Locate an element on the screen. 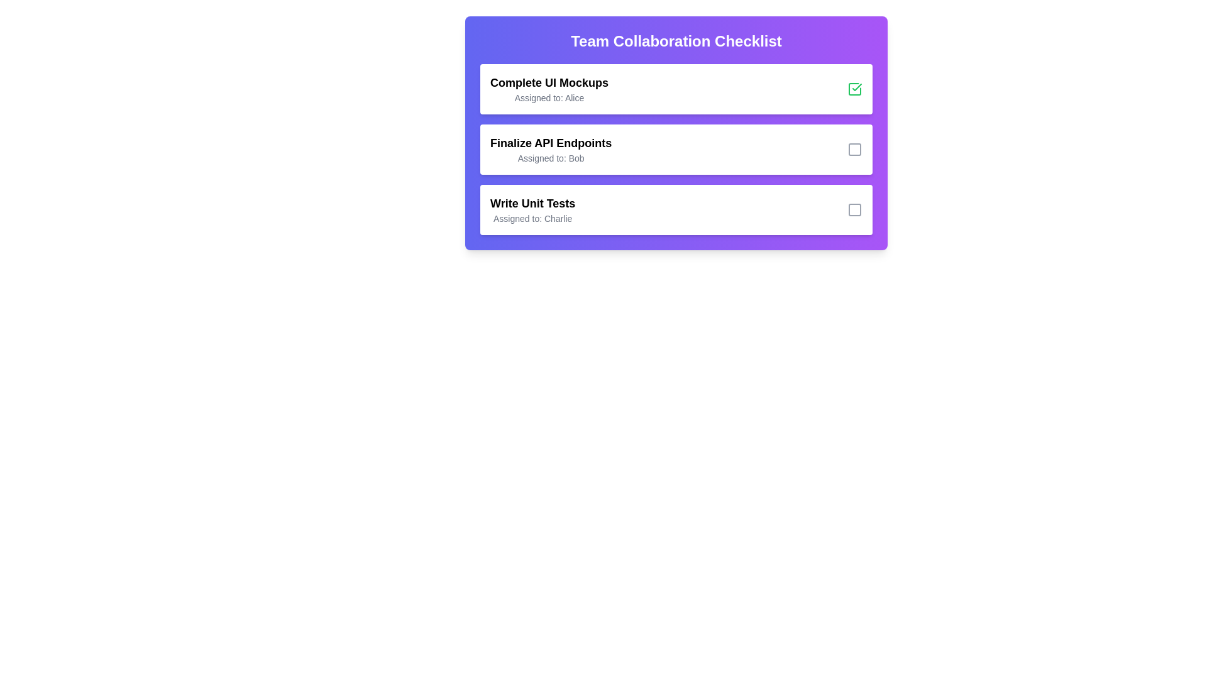  the checkbox or button representing 'Write Unit Tests' is located at coordinates (854, 209).